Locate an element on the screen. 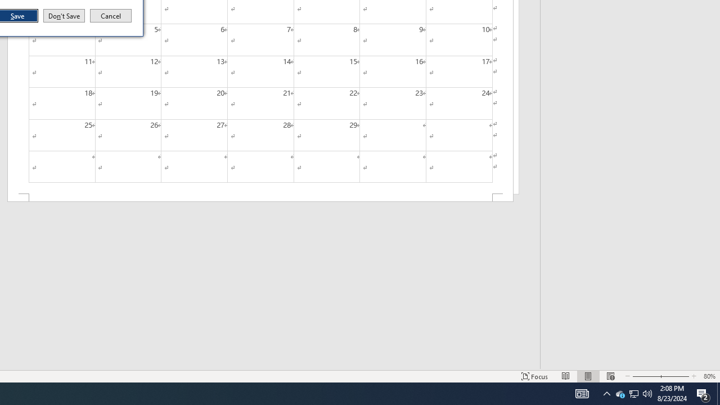 The width and height of the screenshot is (720, 405). 'Cancel' is located at coordinates (111, 16).